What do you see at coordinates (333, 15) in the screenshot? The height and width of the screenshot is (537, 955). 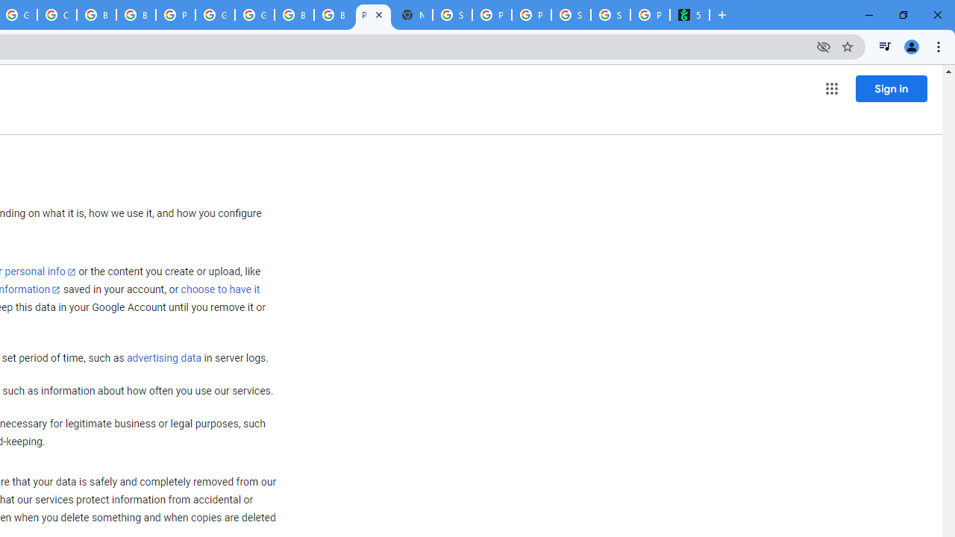 I see `'Browse Chrome as a guest - Computer - Google Chrome Help'` at bounding box center [333, 15].